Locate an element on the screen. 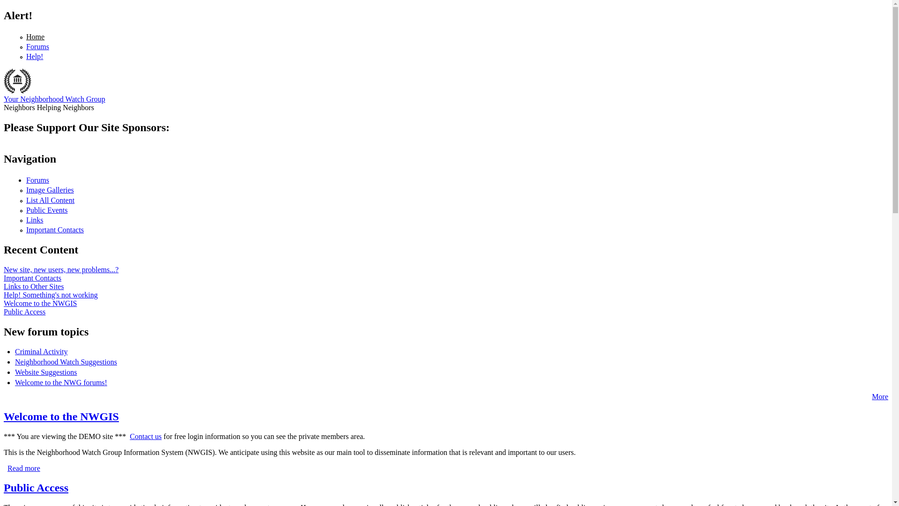 The image size is (899, 506). 'Important Contacts' is located at coordinates (54, 230).